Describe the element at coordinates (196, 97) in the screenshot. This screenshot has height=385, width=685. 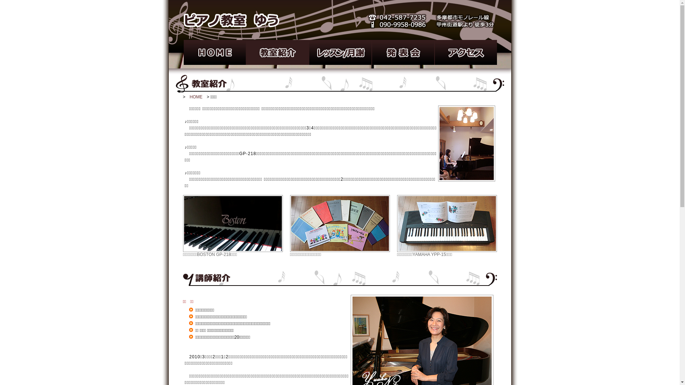
I see `'HOME'` at that location.